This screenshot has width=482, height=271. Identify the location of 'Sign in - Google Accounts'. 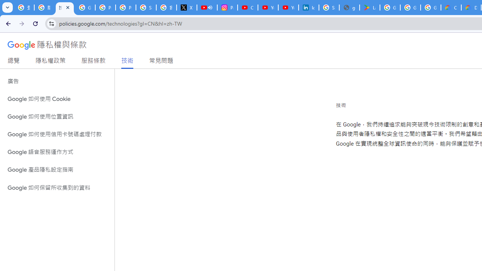
(146, 8).